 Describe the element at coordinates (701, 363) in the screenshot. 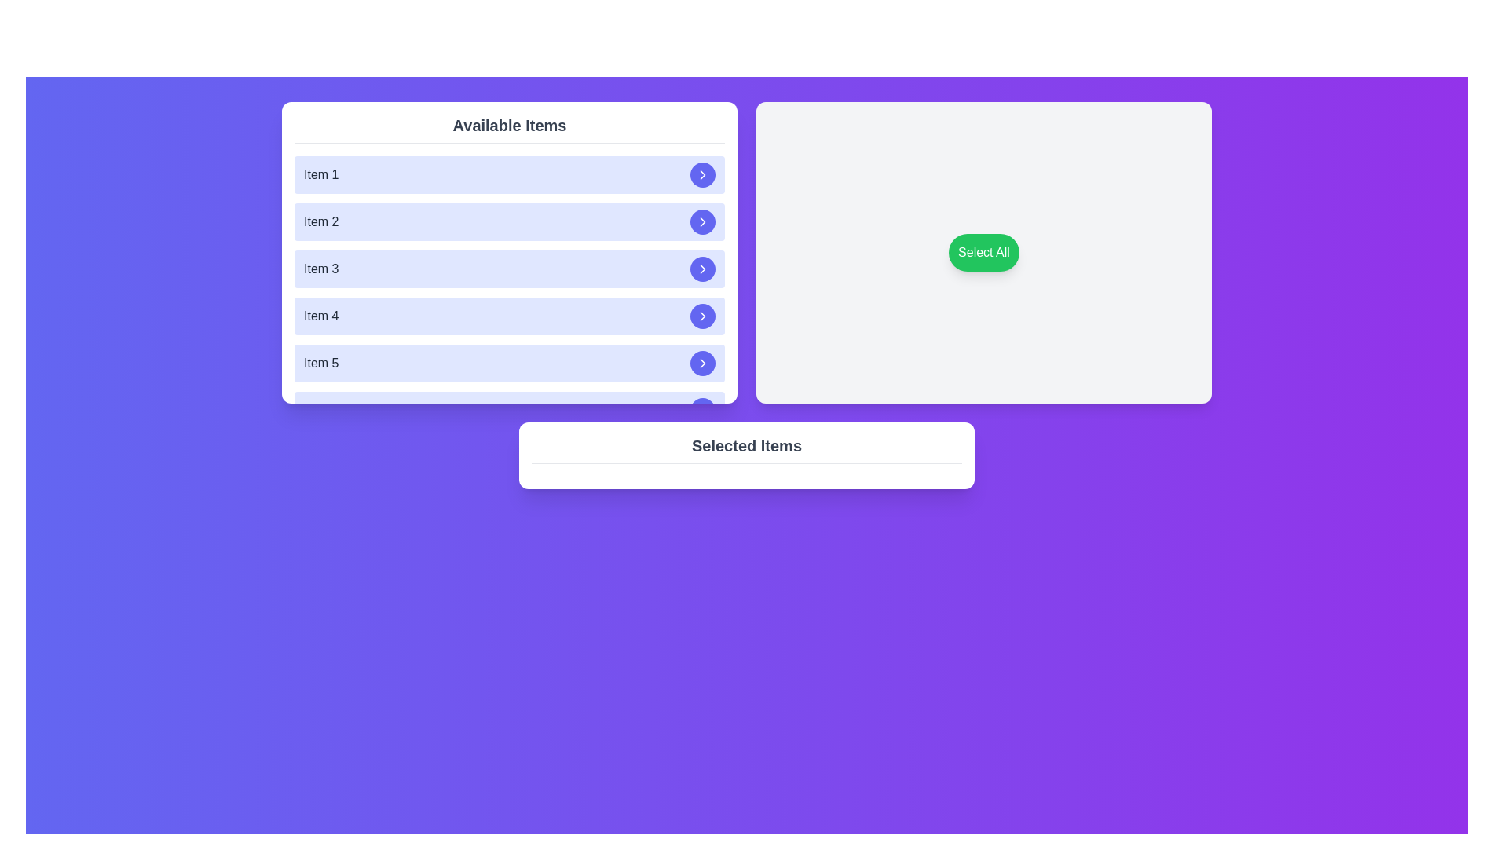

I see `the rightward-pointing arrow icon within the button at the bottom of the 'Available Items' list` at that location.